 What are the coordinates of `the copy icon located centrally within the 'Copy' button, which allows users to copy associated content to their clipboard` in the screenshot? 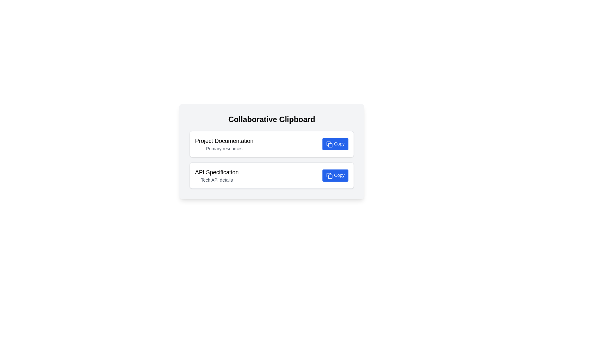 It's located at (329, 144).